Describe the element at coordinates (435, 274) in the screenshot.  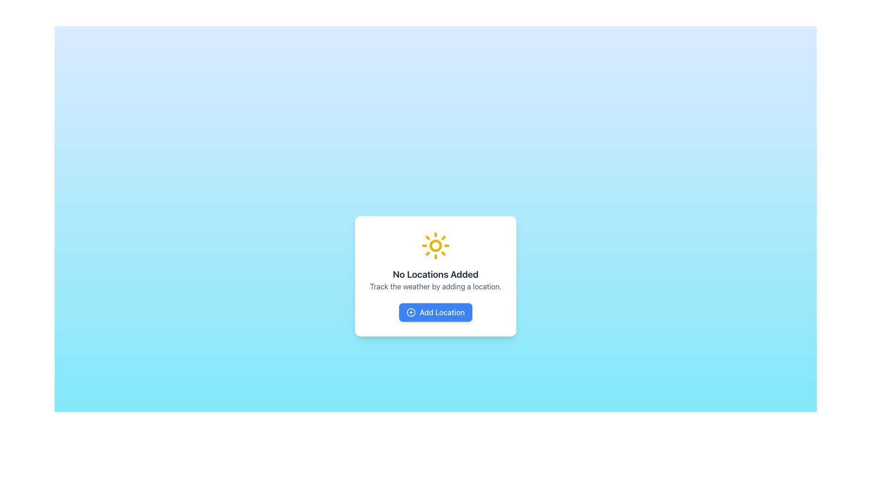
I see `the informational text label indicating that no locations have been added to track weather data, which is centrally located below a sun icon and above another text line` at that location.